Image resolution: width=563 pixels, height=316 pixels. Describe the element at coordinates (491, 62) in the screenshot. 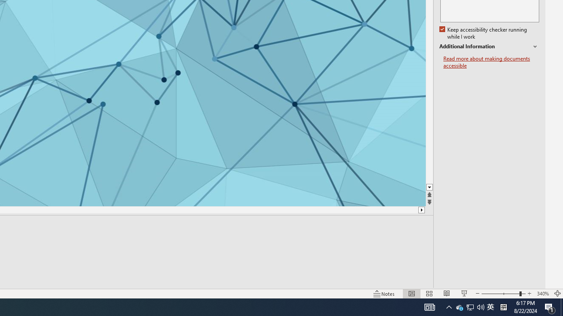

I see `'Read more about making documents accessible'` at that location.